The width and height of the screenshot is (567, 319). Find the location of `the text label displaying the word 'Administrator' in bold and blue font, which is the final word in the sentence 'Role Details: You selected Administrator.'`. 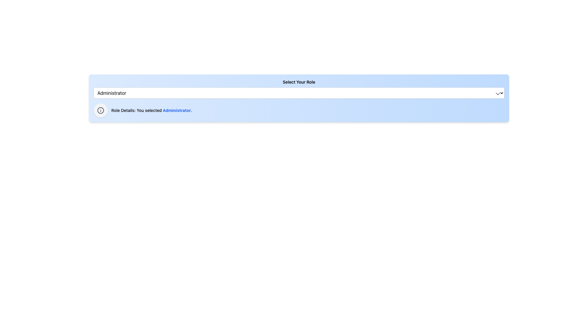

the text label displaying the word 'Administrator' in bold and blue font, which is the final word in the sentence 'Role Details: You selected Administrator.' is located at coordinates (177, 110).